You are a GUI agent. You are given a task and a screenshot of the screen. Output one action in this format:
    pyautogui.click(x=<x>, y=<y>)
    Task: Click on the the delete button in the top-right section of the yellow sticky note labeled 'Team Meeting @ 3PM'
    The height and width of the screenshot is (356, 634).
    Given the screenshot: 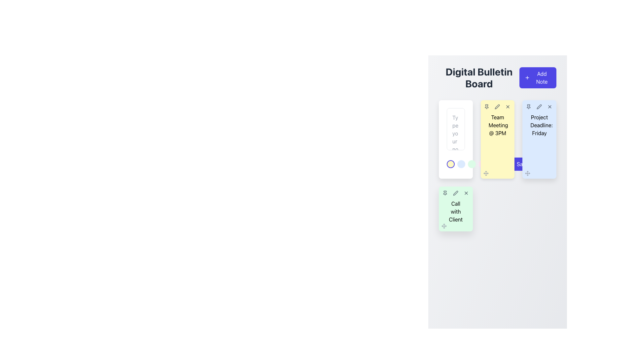 What is the action you would take?
    pyautogui.click(x=508, y=106)
    